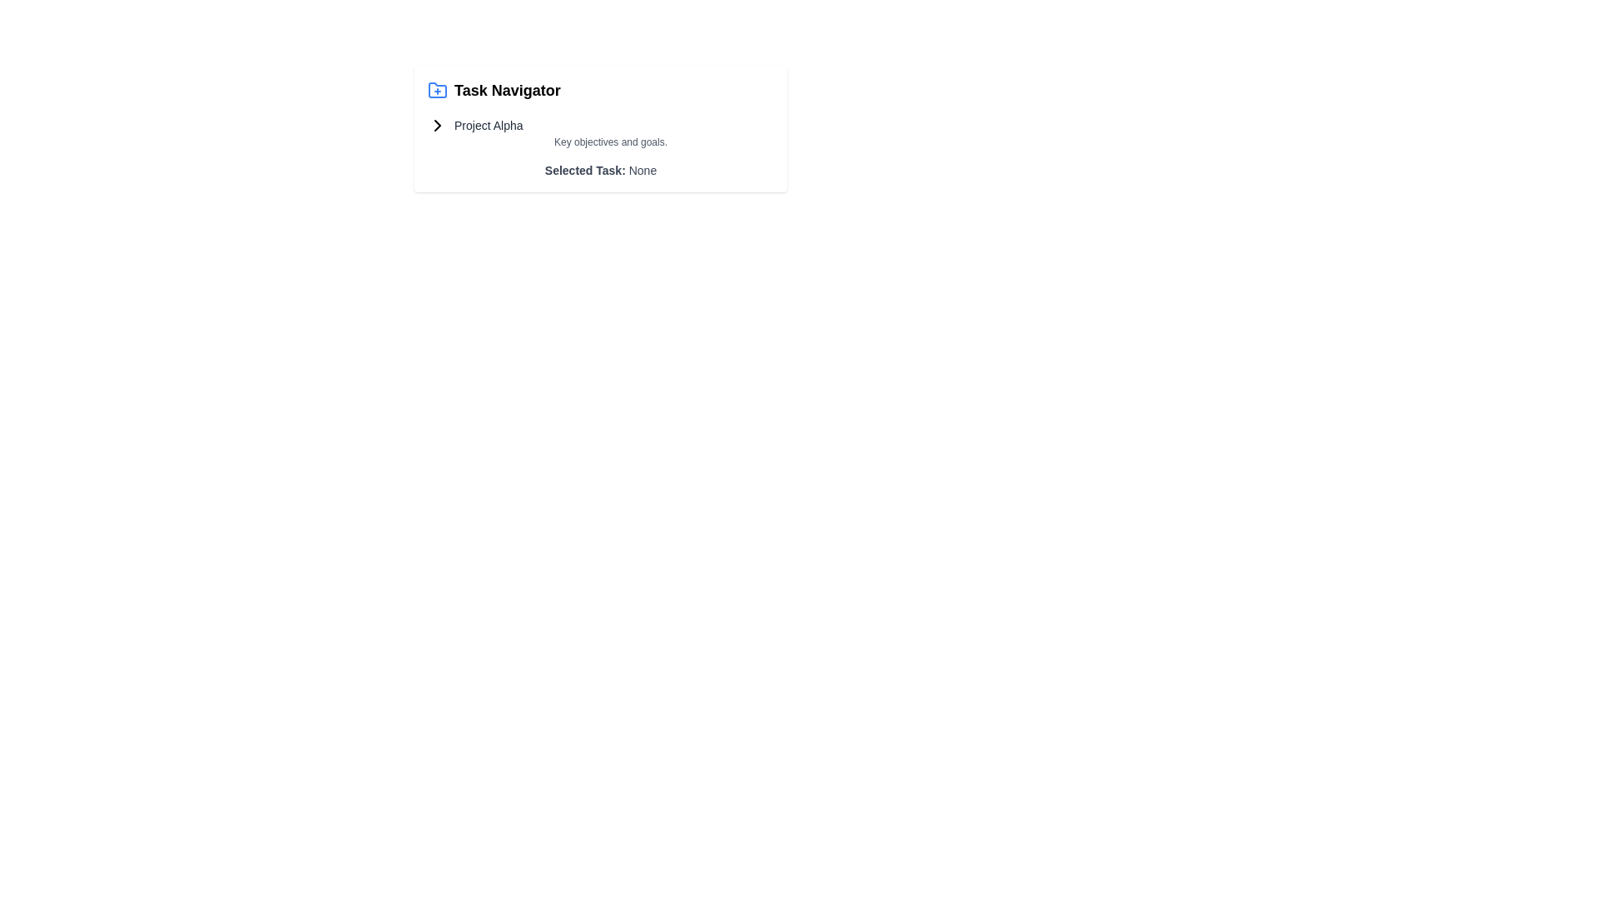 Image resolution: width=1598 pixels, height=899 pixels. What do you see at coordinates (587, 170) in the screenshot?
I see `the text label indicating 'Selected Task: None', which serves` at bounding box center [587, 170].